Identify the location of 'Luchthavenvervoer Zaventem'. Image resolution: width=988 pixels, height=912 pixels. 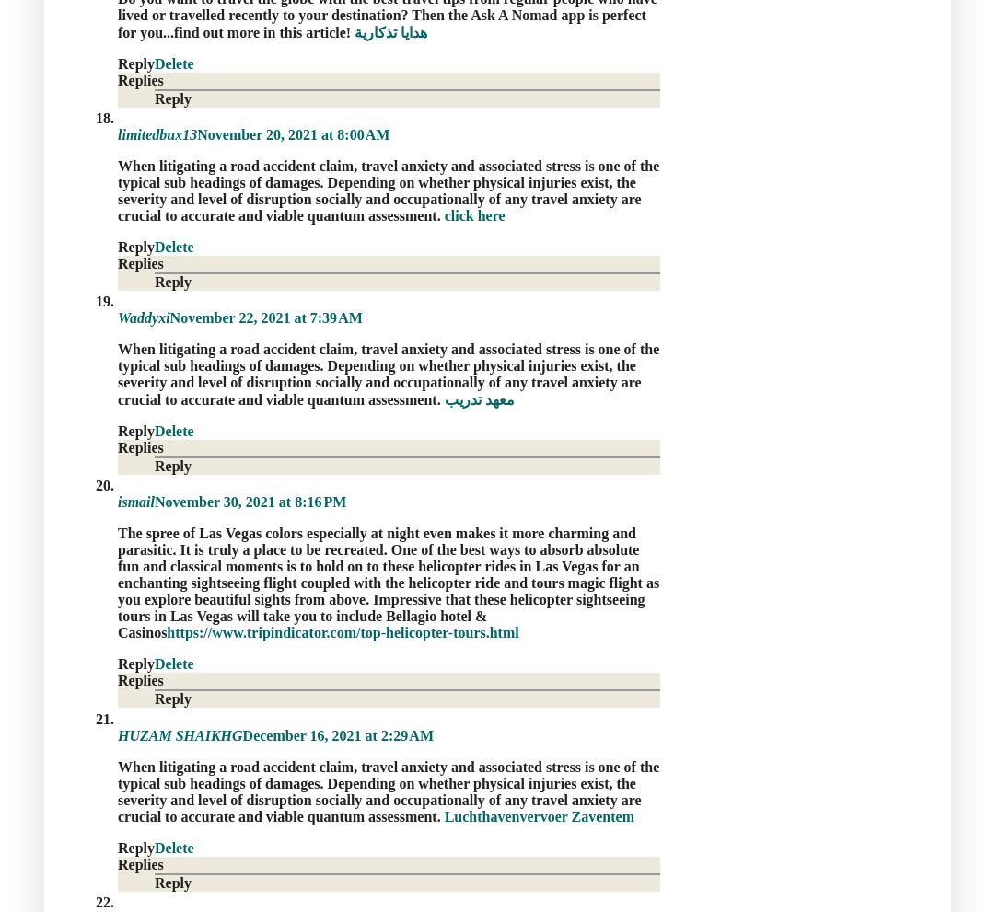
(539, 815).